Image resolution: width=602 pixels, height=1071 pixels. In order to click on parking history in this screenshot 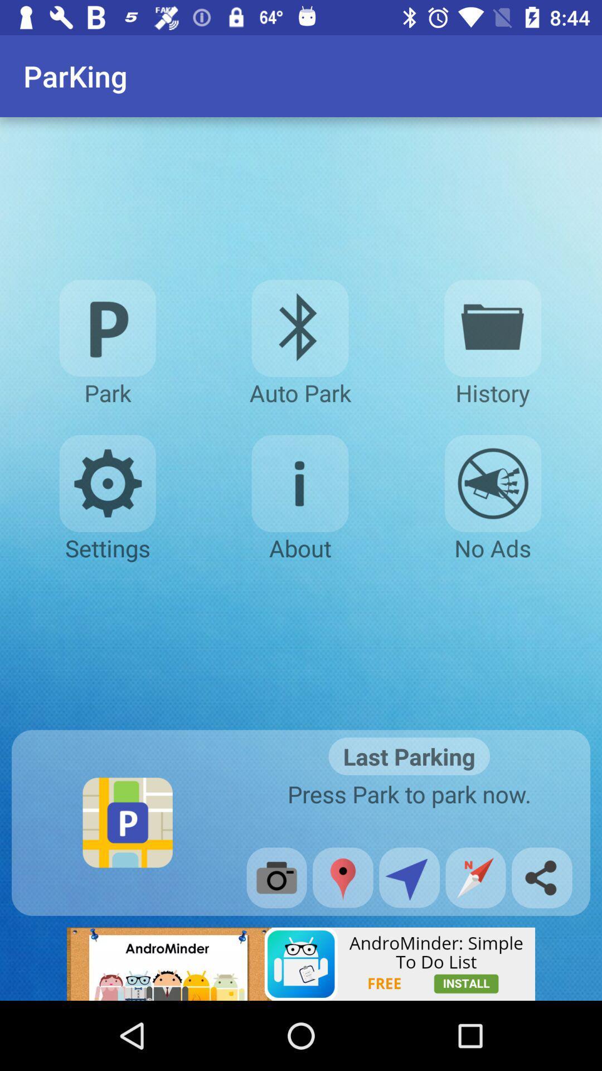, I will do `click(492, 327)`.